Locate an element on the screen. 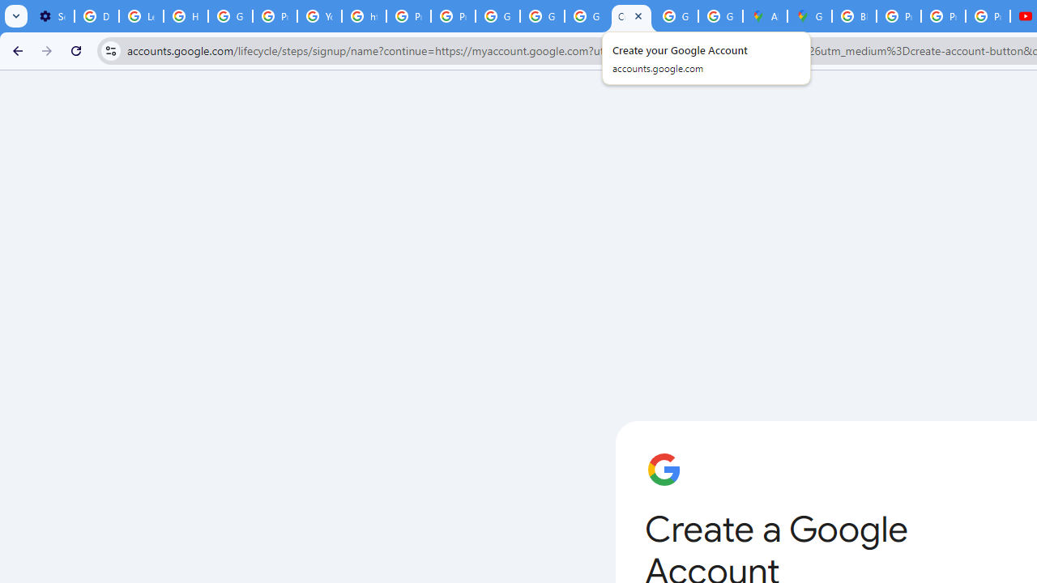 Image resolution: width=1037 pixels, height=583 pixels. 'Blogger Policies and Guidelines - Transparency Center' is located at coordinates (853, 16).